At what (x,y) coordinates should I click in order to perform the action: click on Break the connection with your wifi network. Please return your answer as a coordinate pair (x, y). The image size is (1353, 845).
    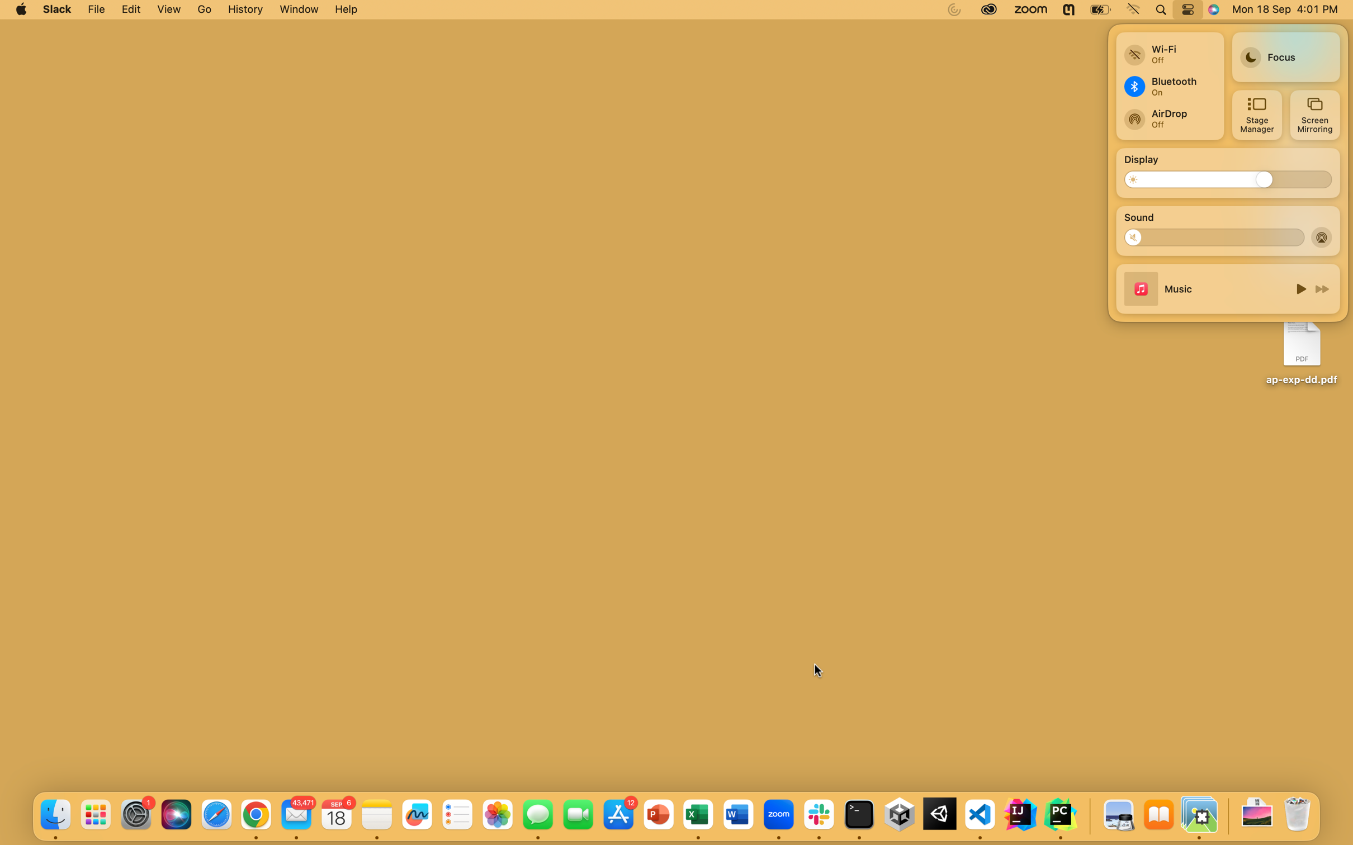
    Looking at the image, I should click on (1168, 50).